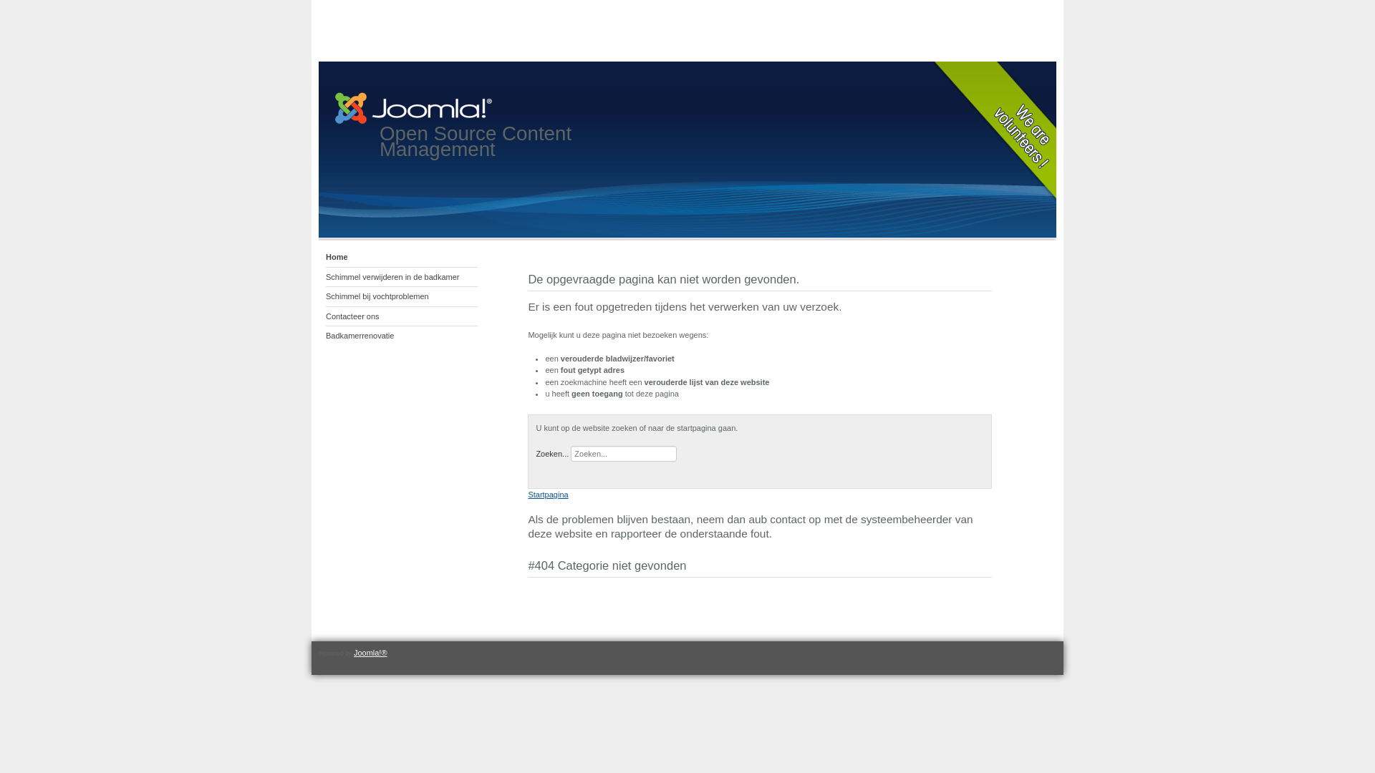 This screenshot has height=773, width=1375. I want to click on 'Contacteer ons', so click(401, 316).